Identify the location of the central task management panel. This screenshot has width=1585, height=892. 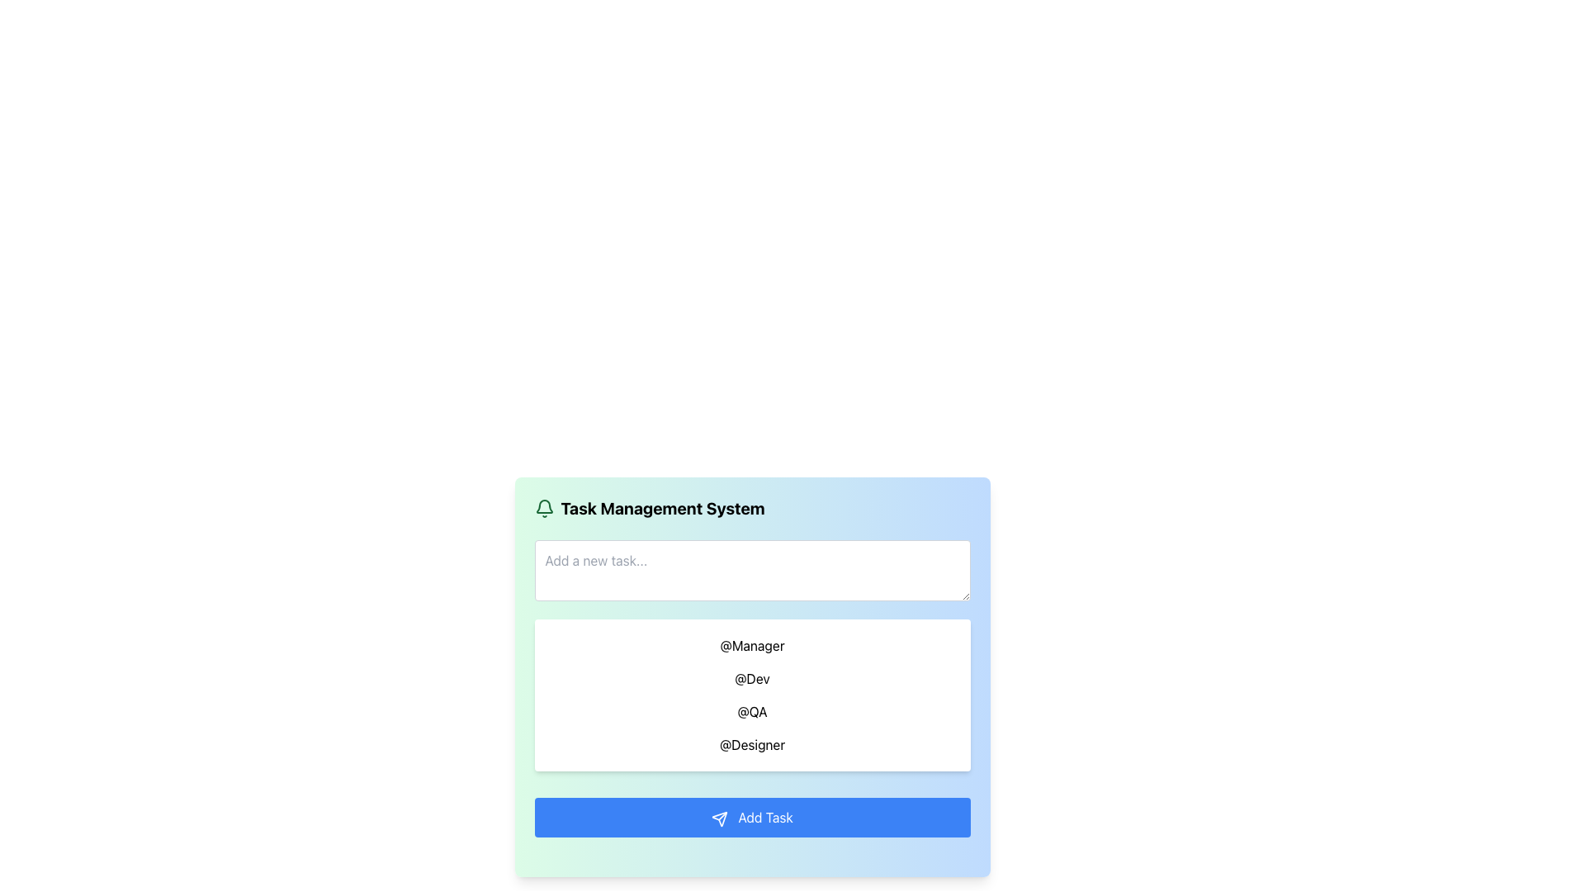
(751, 677).